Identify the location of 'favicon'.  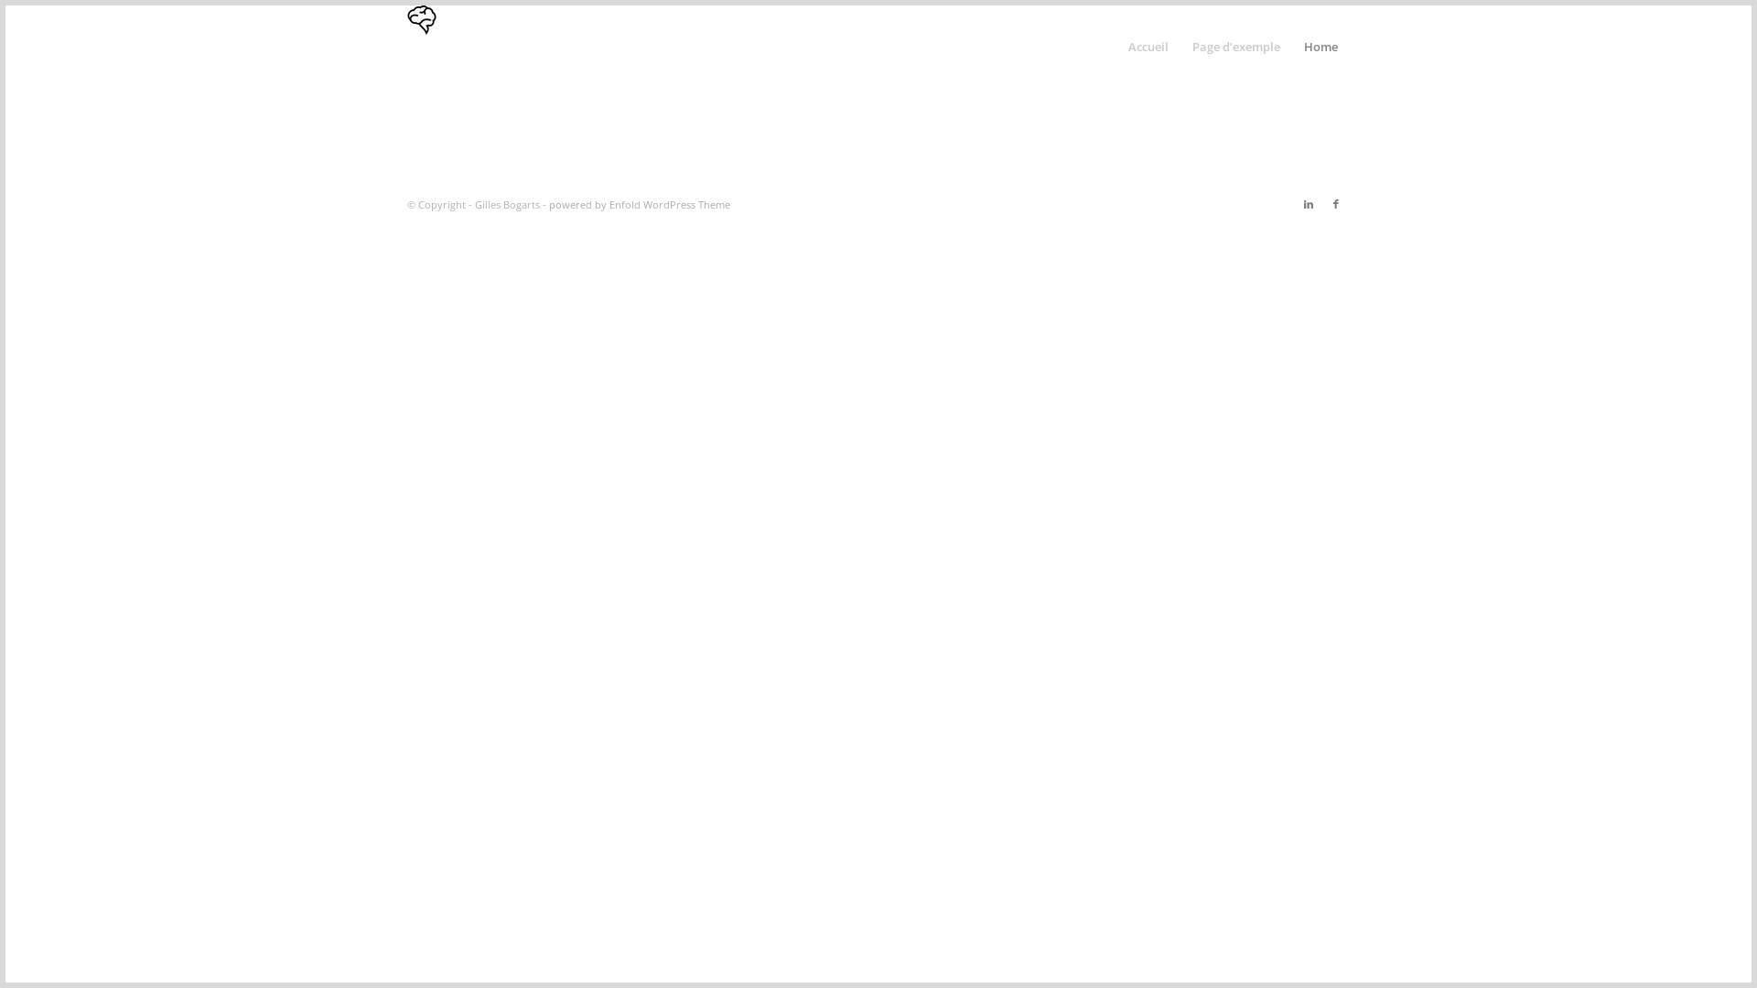
(420, 45).